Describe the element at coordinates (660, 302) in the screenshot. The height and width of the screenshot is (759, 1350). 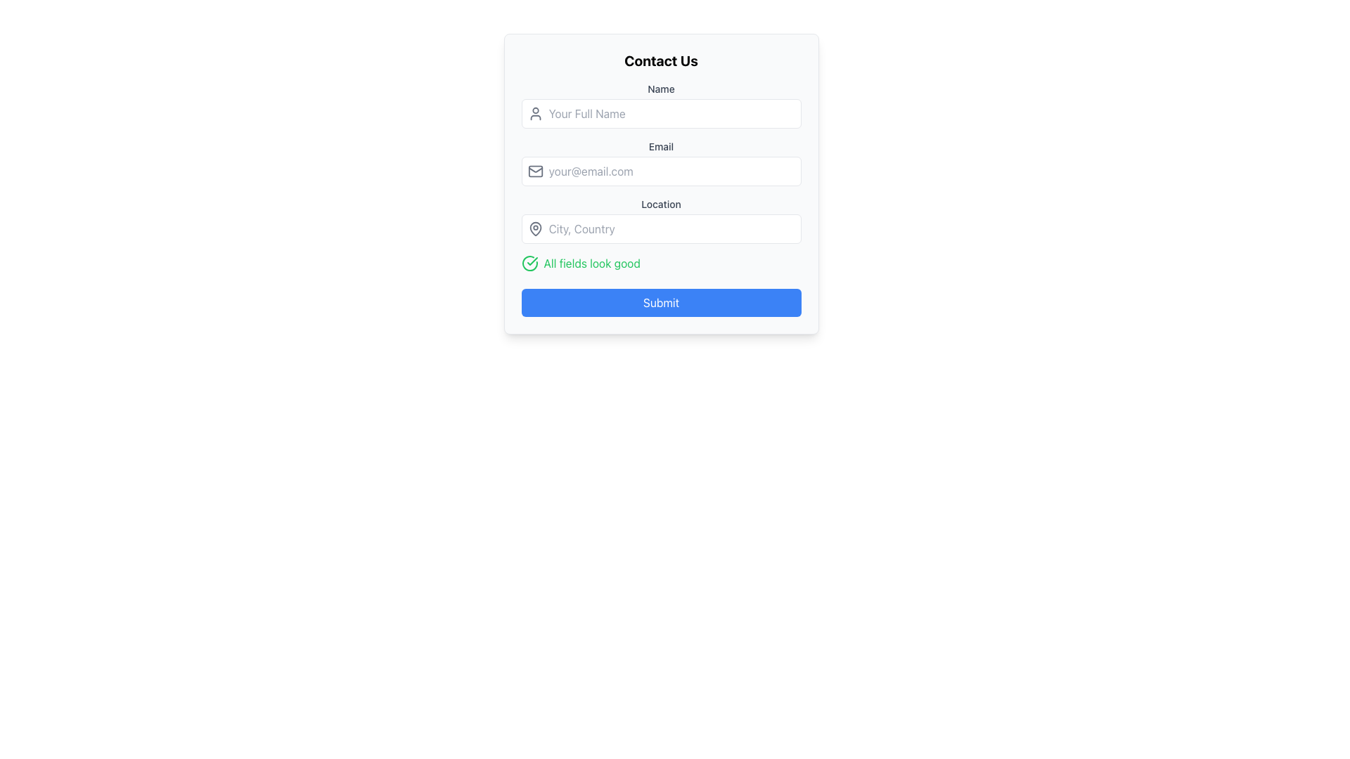
I see `the submit button located at the bottom of the form interface` at that location.